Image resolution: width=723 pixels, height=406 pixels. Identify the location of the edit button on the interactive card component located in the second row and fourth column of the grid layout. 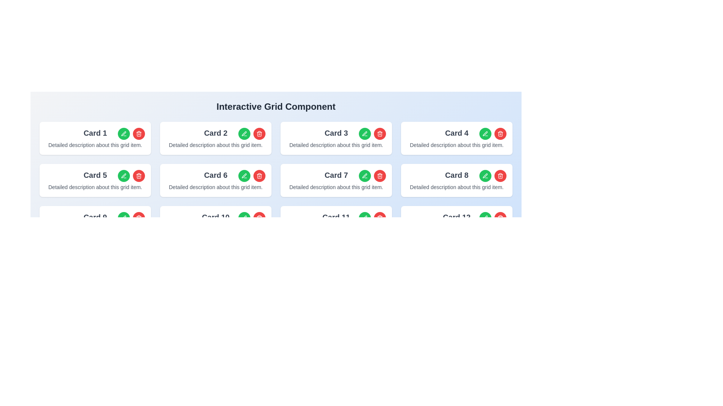
(456, 180).